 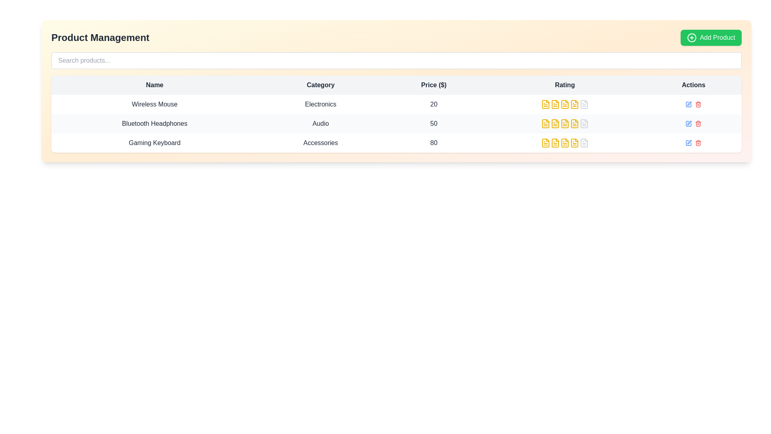 I want to click on the yellow document icon button, so click(x=545, y=104).